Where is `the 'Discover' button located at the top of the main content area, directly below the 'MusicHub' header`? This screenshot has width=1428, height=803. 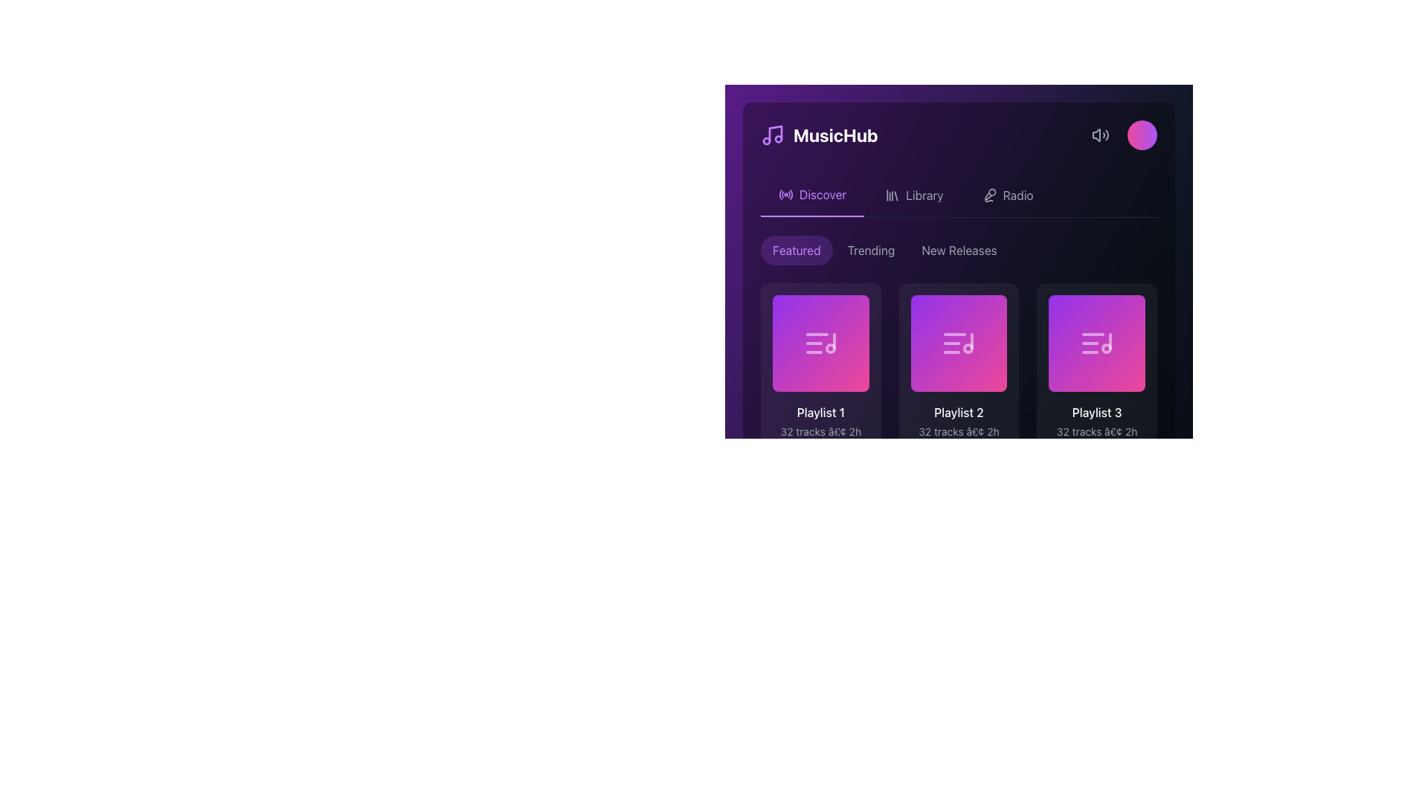
the 'Discover' button located at the top of the main content area, directly below the 'MusicHub' header is located at coordinates (811, 194).